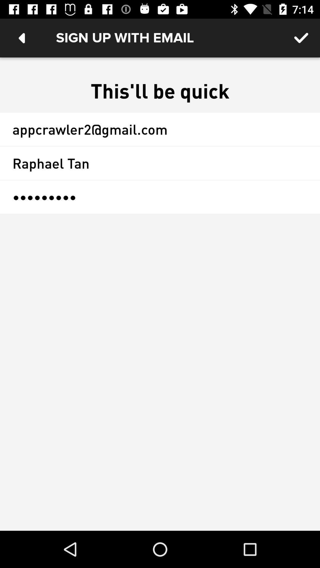  What do you see at coordinates (160, 129) in the screenshot?
I see `appcrawler2@gmail.com` at bounding box center [160, 129].